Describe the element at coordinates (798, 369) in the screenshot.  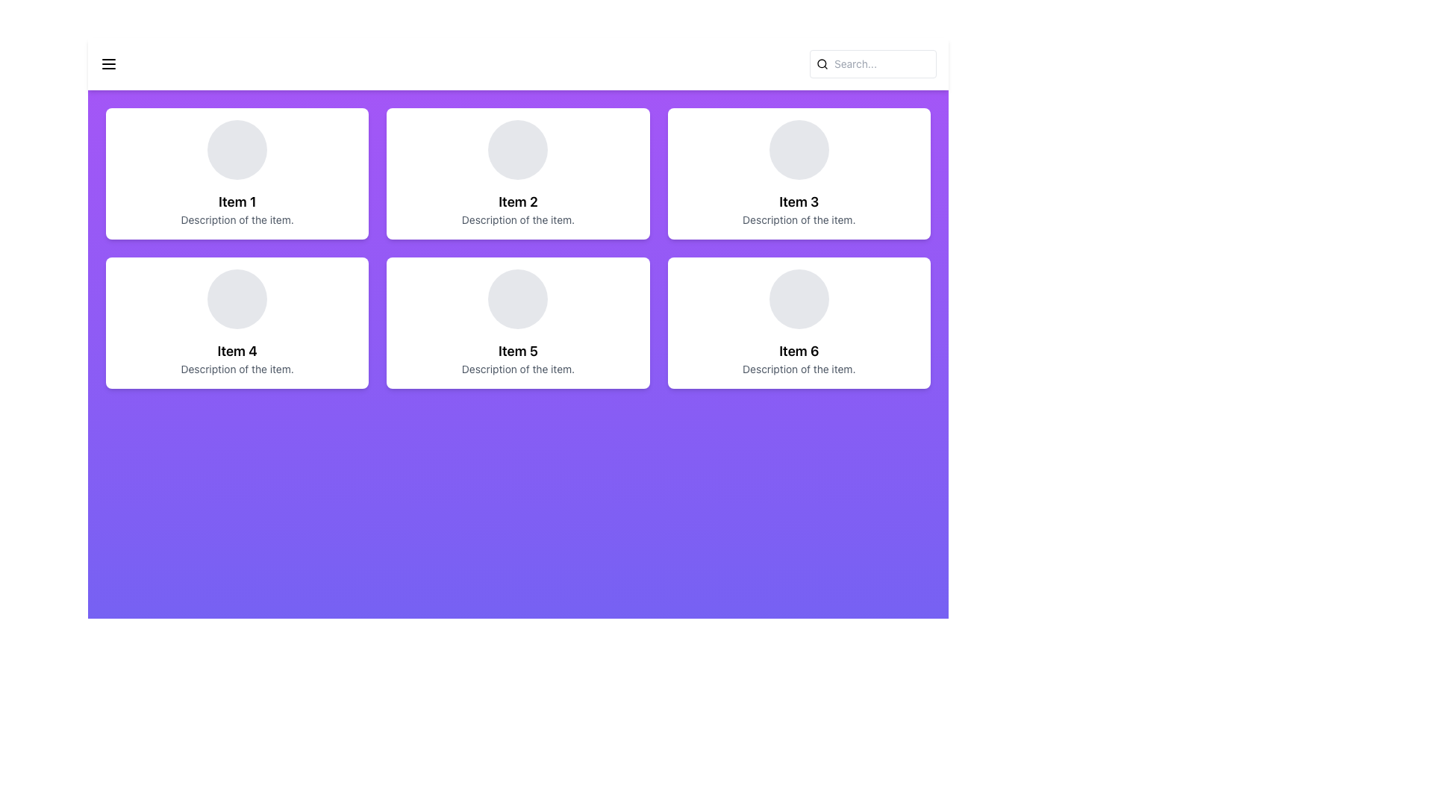
I see `the static text label positioned below the title 'Item 6' in the bottom-right card of the grid layout` at that location.